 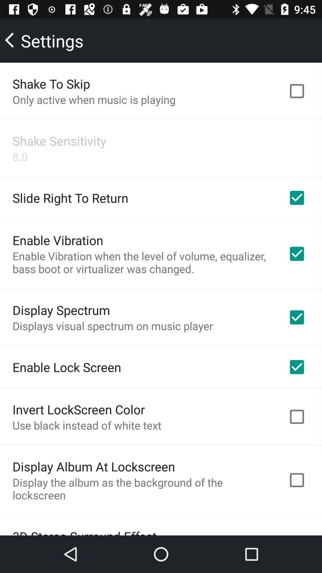 What do you see at coordinates (44, 40) in the screenshot?
I see `settings` at bounding box center [44, 40].